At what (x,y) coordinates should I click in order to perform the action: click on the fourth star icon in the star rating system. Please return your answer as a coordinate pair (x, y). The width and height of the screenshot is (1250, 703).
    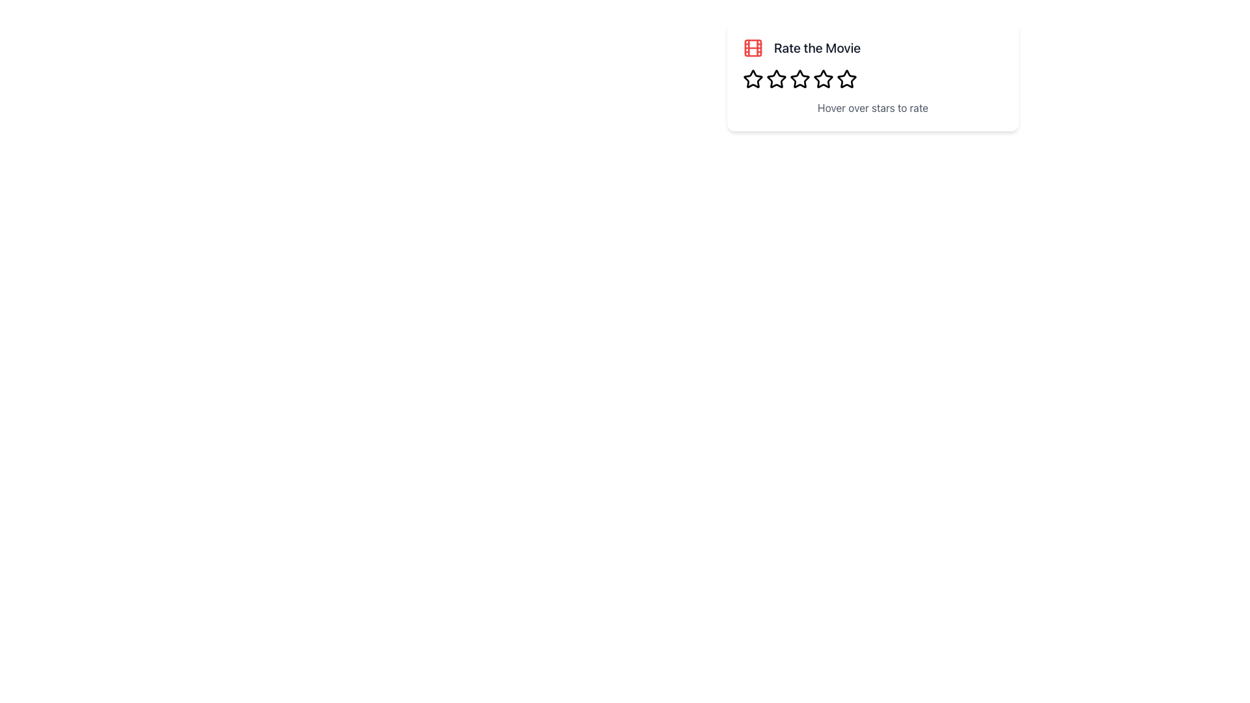
    Looking at the image, I should click on (846, 78).